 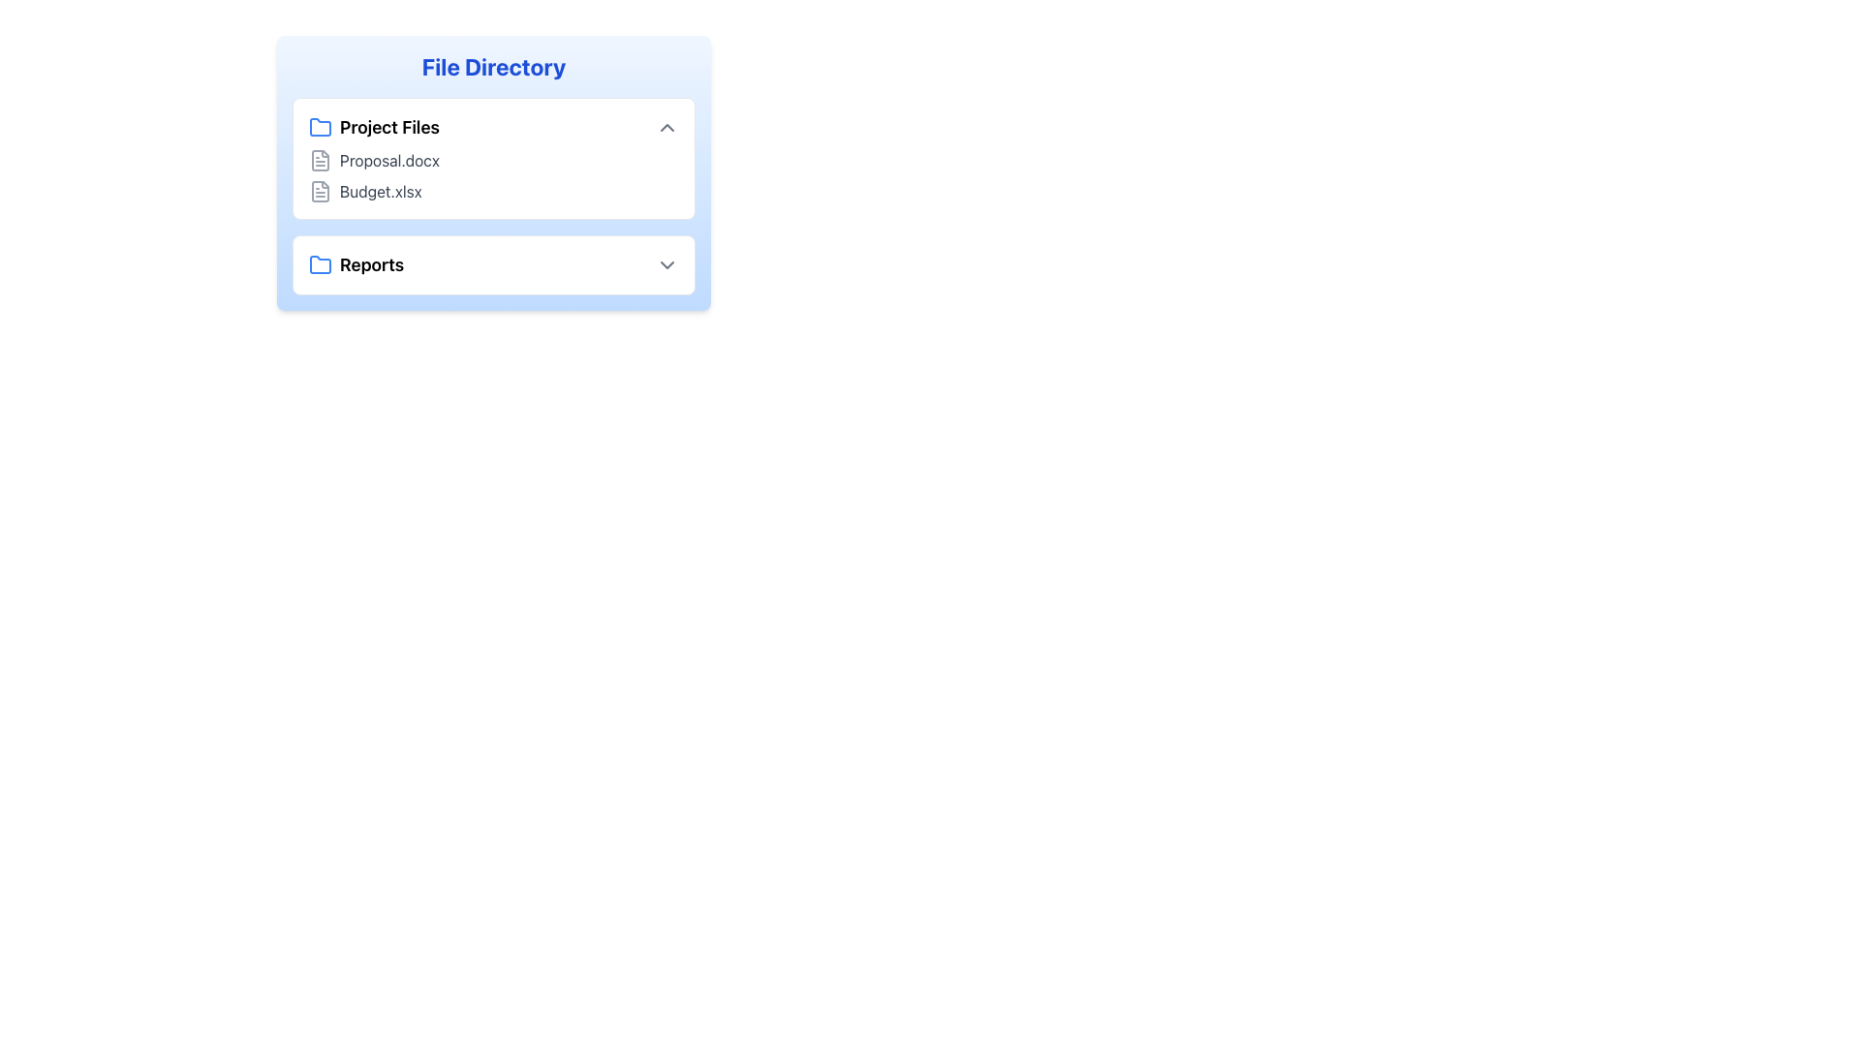 What do you see at coordinates (388, 127) in the screenshot?
I see `text element displaying 'Project Files', which is bold and semibold, located in the 'File Directory' section to understand the directory label` at bounding box center [388, 127].